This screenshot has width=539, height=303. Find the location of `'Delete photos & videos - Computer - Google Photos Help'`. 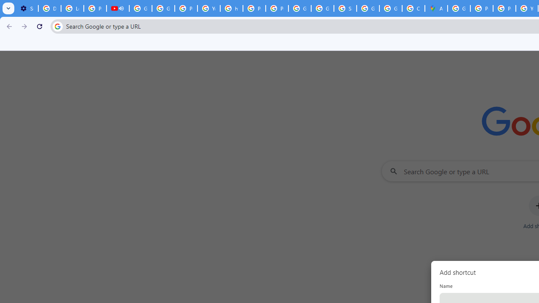

'Delete photos & videos - Computer - Google Photos Help' is located at coordinates (49, 8).